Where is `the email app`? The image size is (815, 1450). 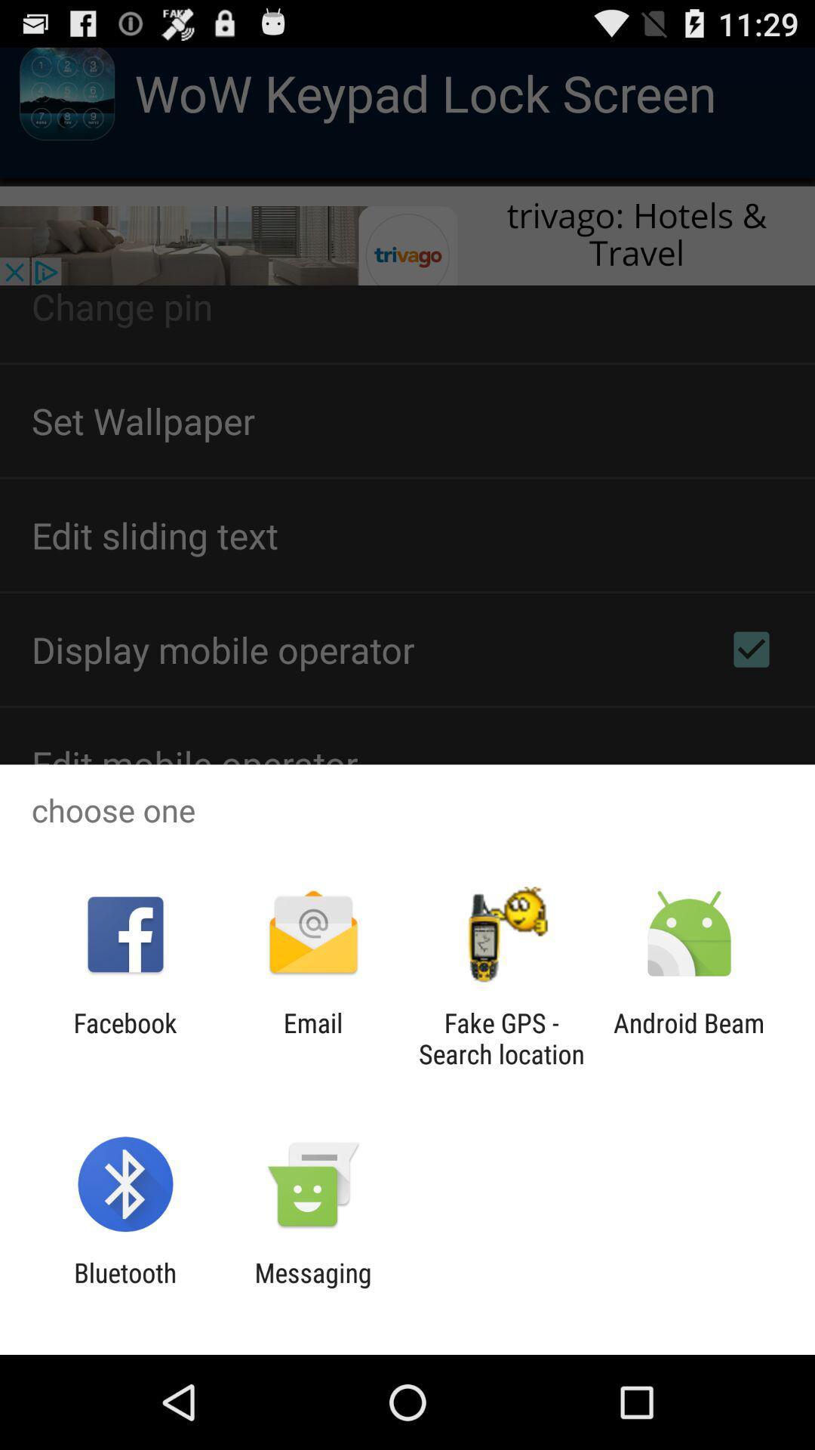 the email app is located at coordinates (312, 1038).